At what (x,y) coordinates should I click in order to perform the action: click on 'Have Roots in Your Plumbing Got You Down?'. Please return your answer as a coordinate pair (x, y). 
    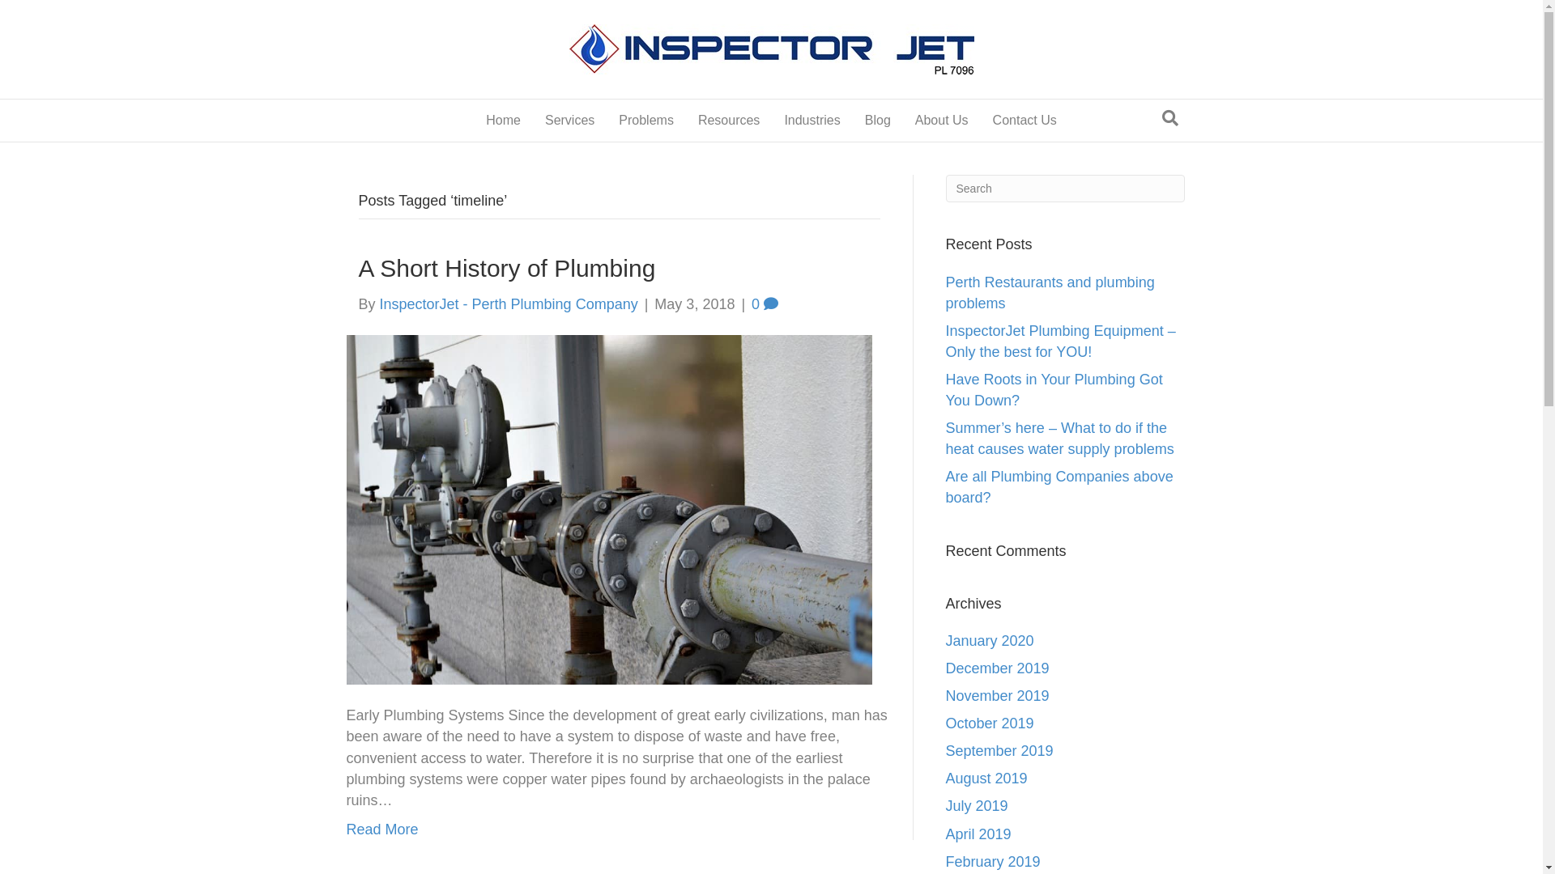
    Looking at the image, I should click on (1054, 390).